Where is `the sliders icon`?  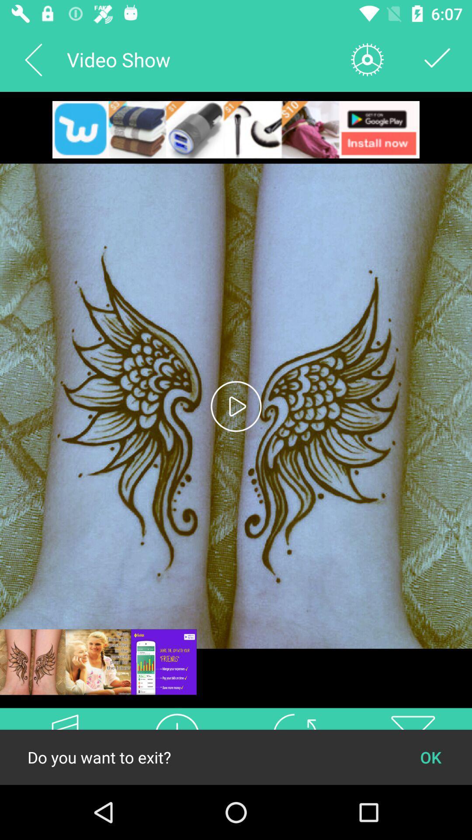 the sliders icon is located at coordinates (163, 662).